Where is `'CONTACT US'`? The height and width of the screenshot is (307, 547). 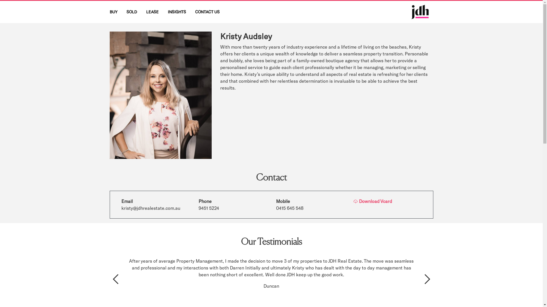 'CONTACT US' is located at coordinates (207, 12).